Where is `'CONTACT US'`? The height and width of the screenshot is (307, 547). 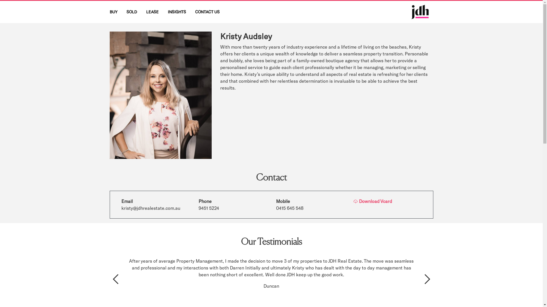 'CONTACT US' is located at coordinates (207, 12).